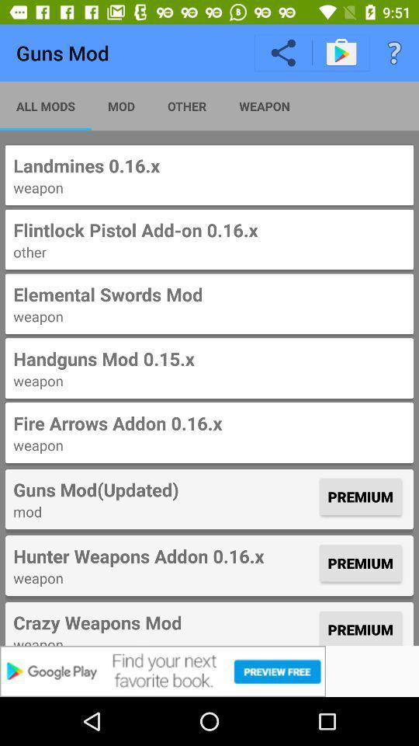 The height and width of the screenshot is (746, 419). I want to click on the fire arrows addon 016x, so click(209, 432).